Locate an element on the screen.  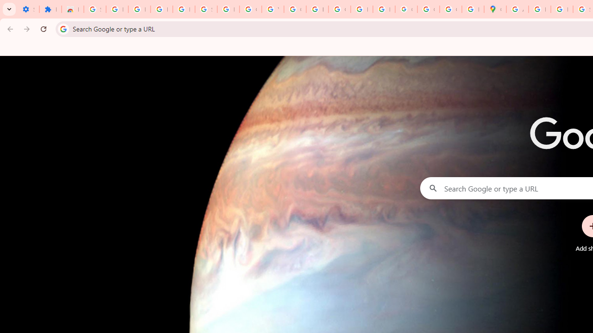
'Delete photos & videos - Computer - Google Photos Help' is located at coordinates (139, 9).